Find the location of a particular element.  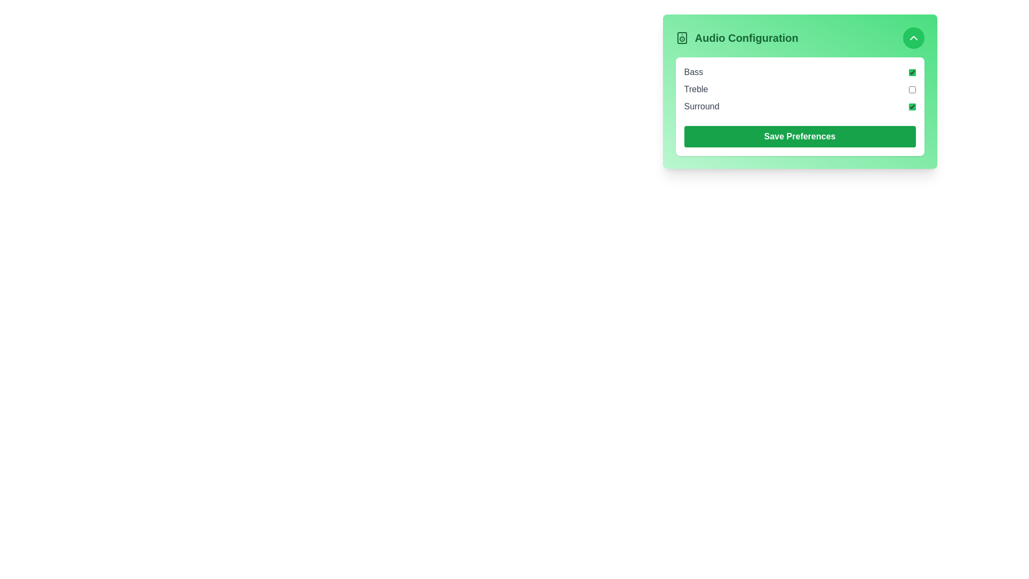

the green-accented checkbox indicating the active state next to the label 'Surround' in the 'Audio Configuration' card is located at coordinates (912, 107).